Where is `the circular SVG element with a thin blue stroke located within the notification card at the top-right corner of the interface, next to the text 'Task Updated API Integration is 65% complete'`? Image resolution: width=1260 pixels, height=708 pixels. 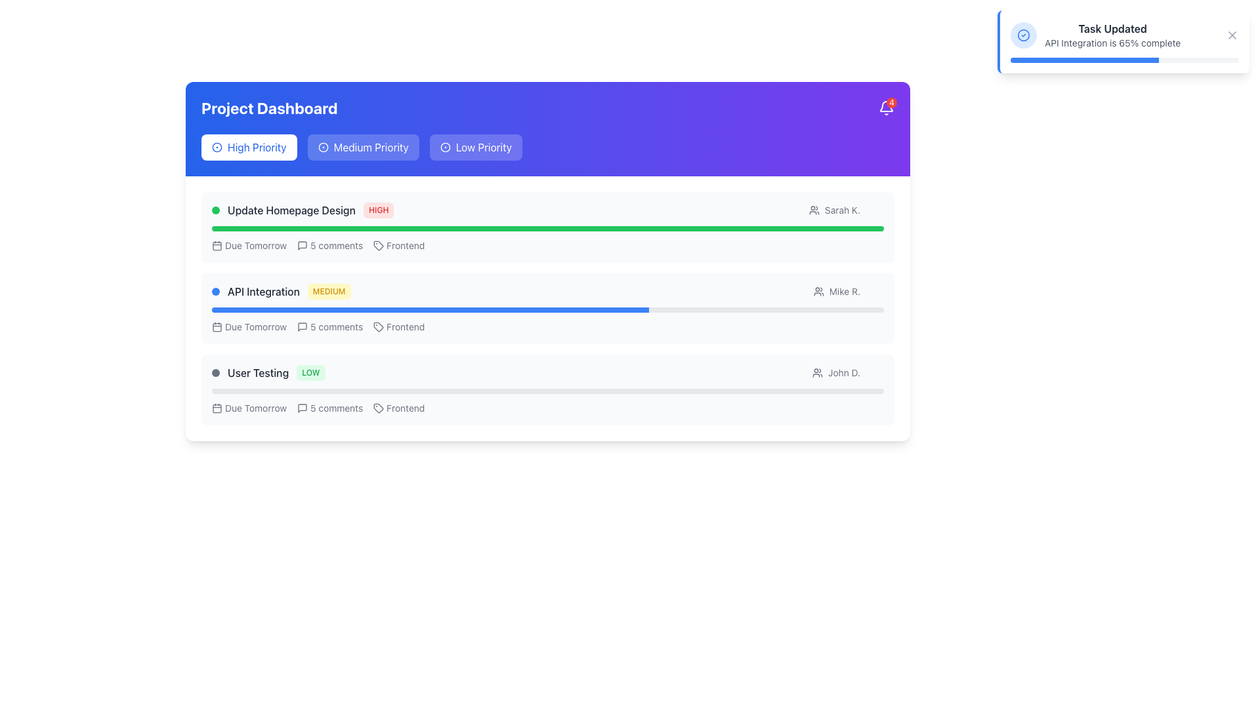 the circular SVG element with a thin blue stroke located within the notification card at the top-right corner of the interface, next to the text 'Task Updated API Integration is 65% complete' is located at coordinates (1023, 35).